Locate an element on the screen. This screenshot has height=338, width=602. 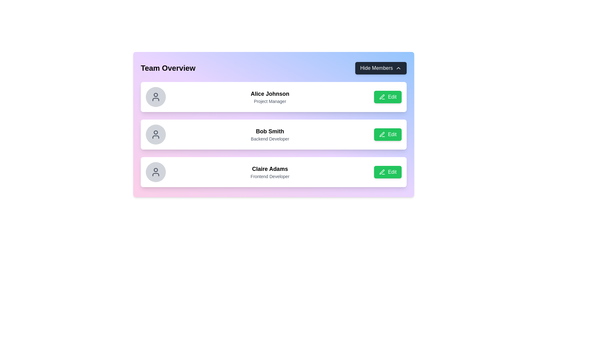
the Profile Avatar Placeholder for user 'Alice Johnson', which is located to the left of the text information and the green 'Edit' button is located at coordinates (156, 97).